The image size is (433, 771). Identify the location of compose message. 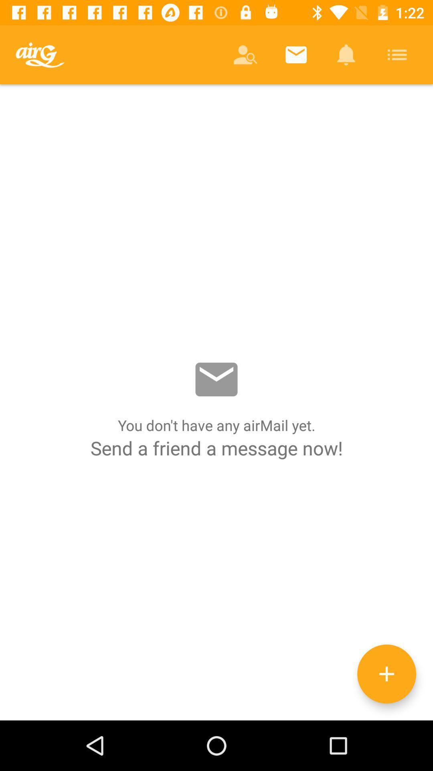
(386, 674).